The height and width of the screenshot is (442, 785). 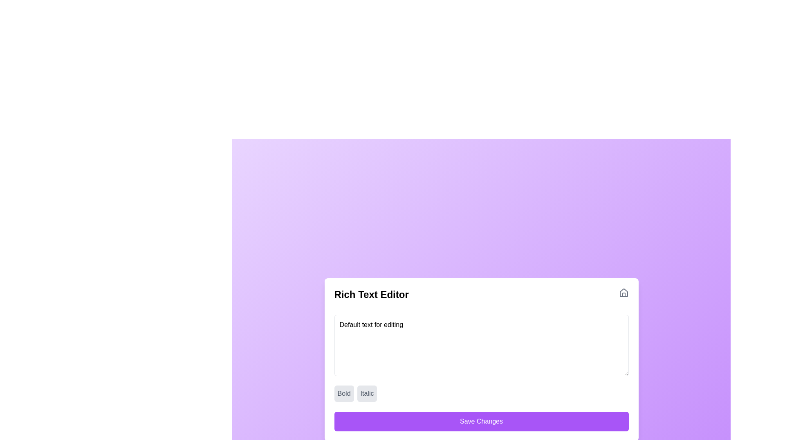 I want to click on the bold, large 'Rich Text Editor' label located at the top left of the text editor's toolbar, so click(x=371, y=295).